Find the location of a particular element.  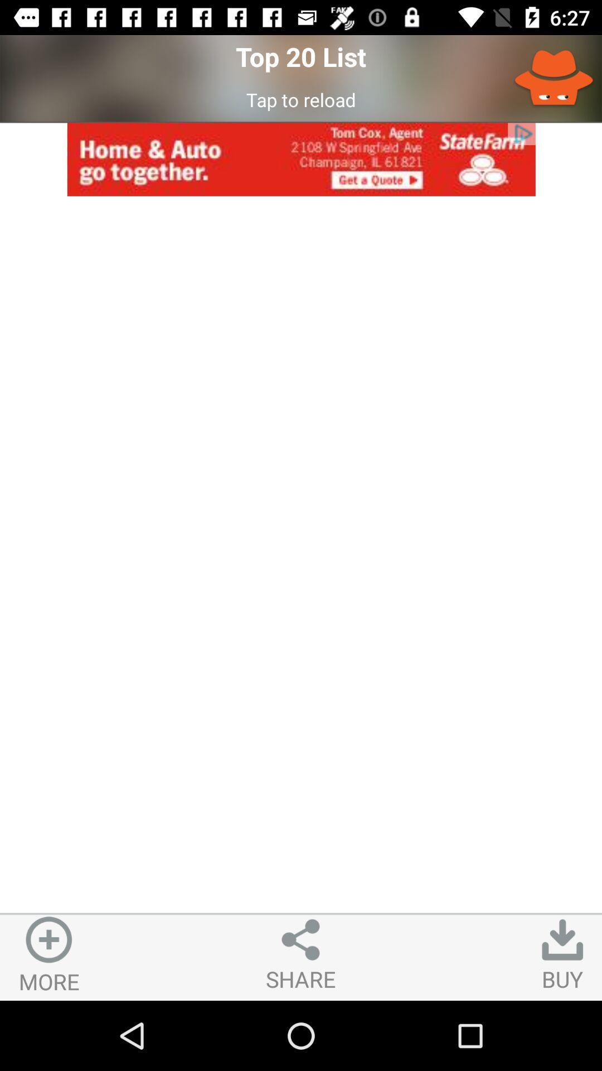

item below the tap to reload icon is located at coordinates (301, 159).